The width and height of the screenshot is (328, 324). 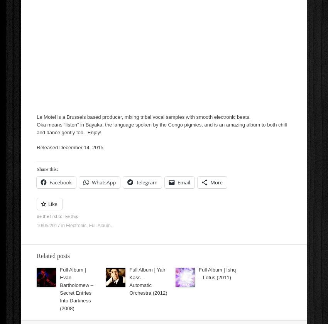 I want to click on ',', so click(x=88, y=225).